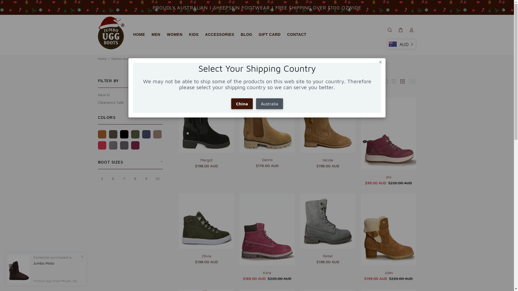 This screenshot has height=291, width=518. What do you see at coordinates (163, 34) in the screenshot?
I see `'WOMEN'` at bounding box center [163, 34].